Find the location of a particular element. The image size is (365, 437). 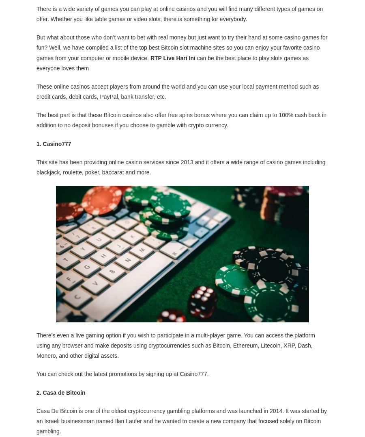

'There’s even a live gaming option if you wish to participate in a multi-player game. You can access the platform using any browser and make deposits using cryptocurrencies such as Bitcoin, Ethereum, Litecoin, XRP, Dash, Monero, and other digital assets.' is located at coordinates (175, 345).